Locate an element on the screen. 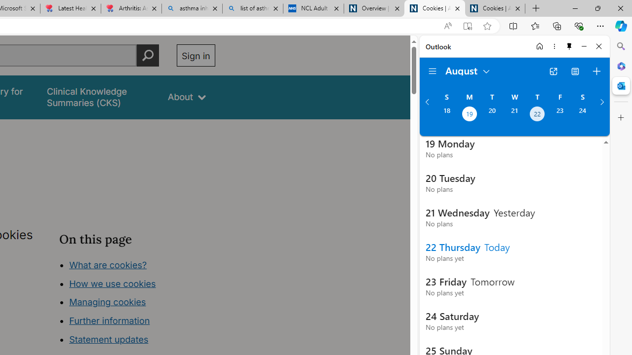 The height and width of the screenshot is (355, 632). 'Close Customize pane' is located at coordinates (621, 117).